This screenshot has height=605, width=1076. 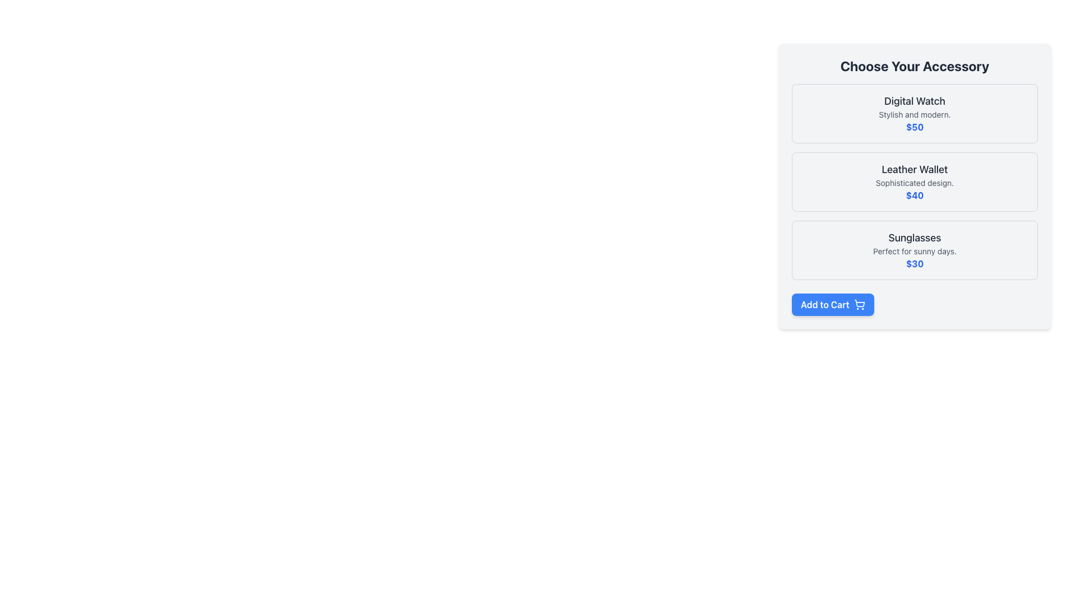 I want to click on the 'Leather Wallet' selectable card, so click(x=915, y=181).